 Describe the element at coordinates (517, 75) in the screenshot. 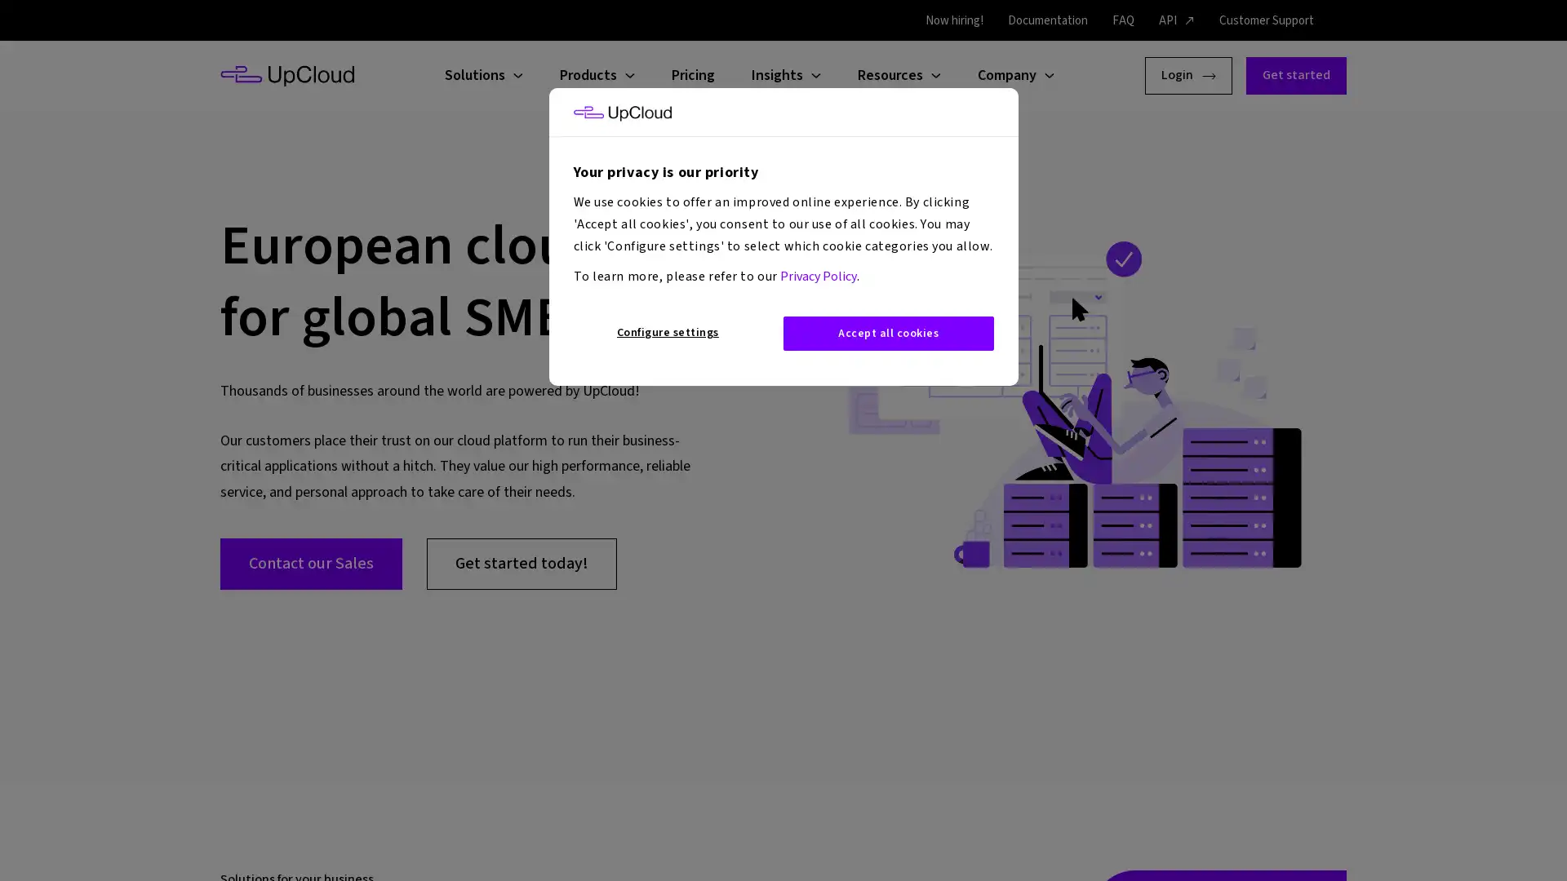

I see `Open child menu for Solutions` at that location.